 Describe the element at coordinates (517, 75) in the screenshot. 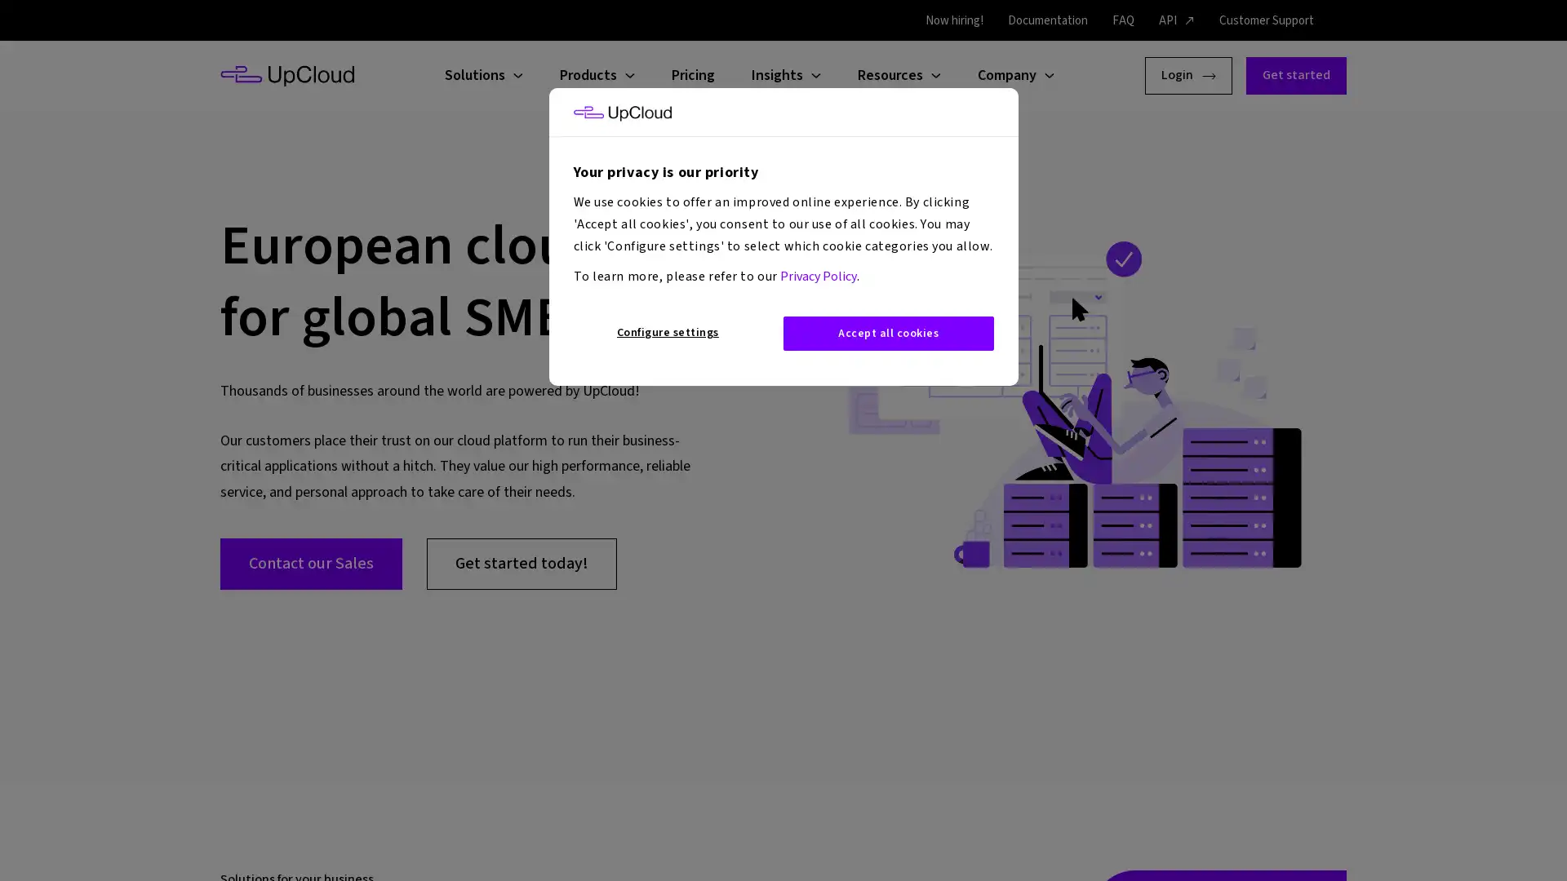

I see `Open child menu for Solutions` at that location.